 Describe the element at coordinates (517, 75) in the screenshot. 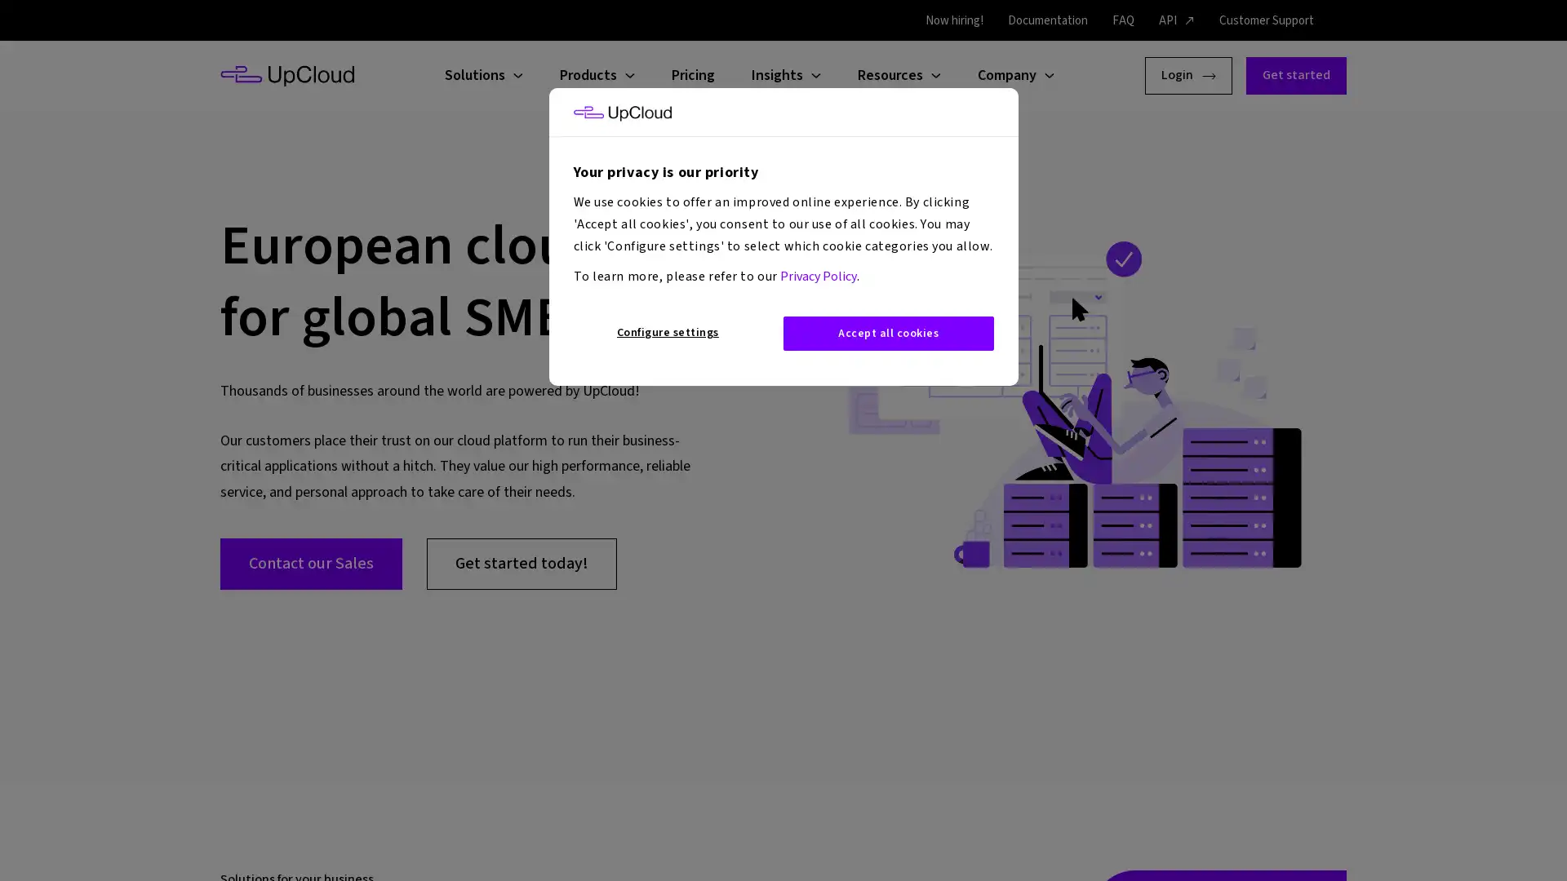

I see `Open child menu for Solutions` at that location.